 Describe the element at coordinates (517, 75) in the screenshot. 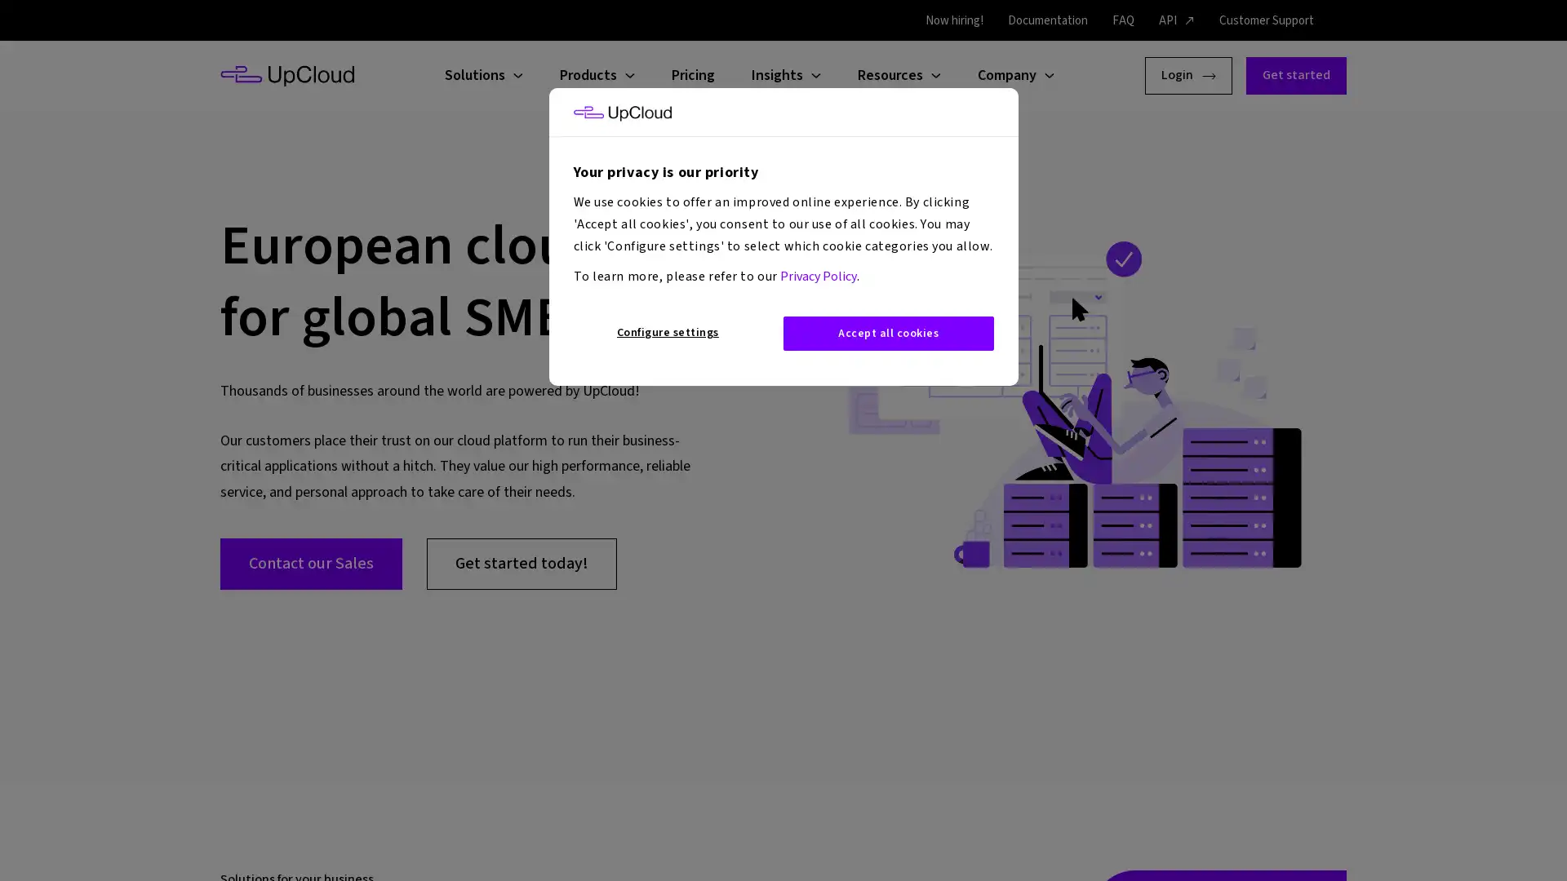

I see `Open child menu for Solutions` at that location.